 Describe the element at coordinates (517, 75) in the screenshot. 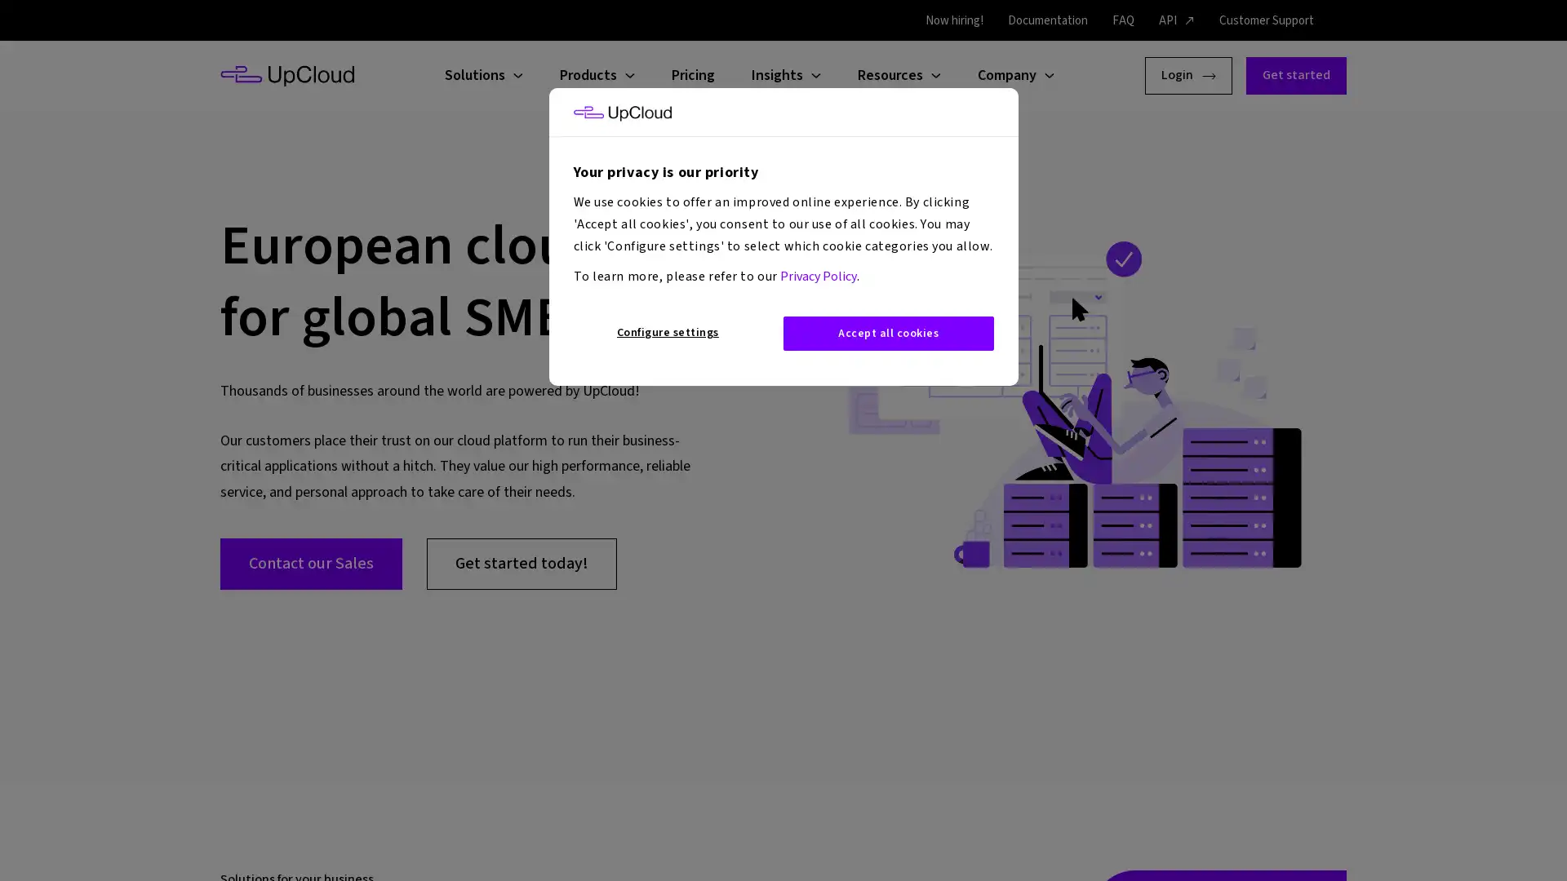

I see `Open child menu for Solutions` at that location.